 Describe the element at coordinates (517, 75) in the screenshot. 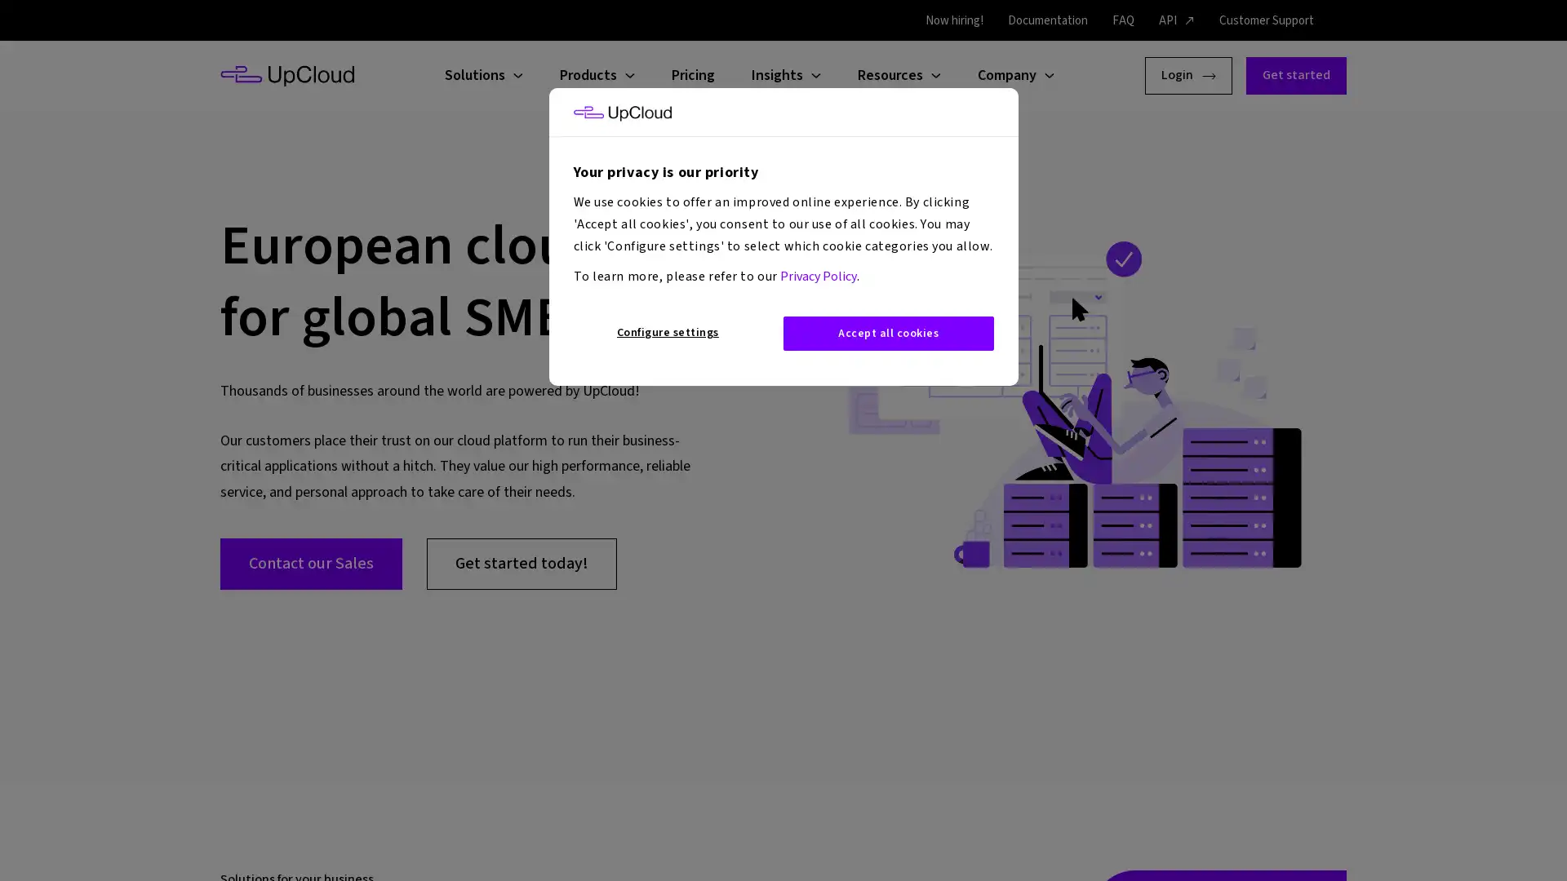

I see `Open child menu for Solutions` at that location.